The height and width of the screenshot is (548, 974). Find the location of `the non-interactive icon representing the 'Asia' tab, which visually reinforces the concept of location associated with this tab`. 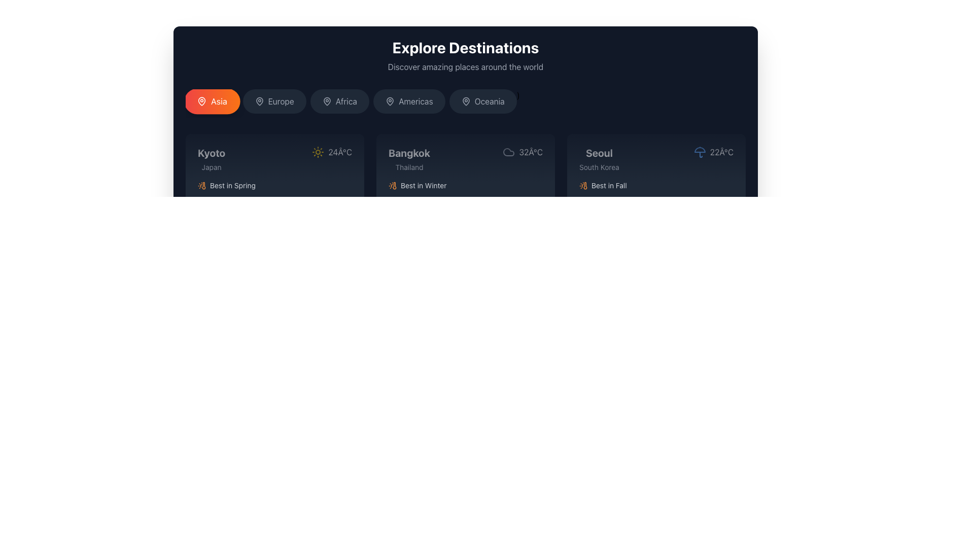

the non-interactive icon representing the 'Asia' tab, which visually reinforces the concept of location associated with this tab is located at coordinates (202, 101).